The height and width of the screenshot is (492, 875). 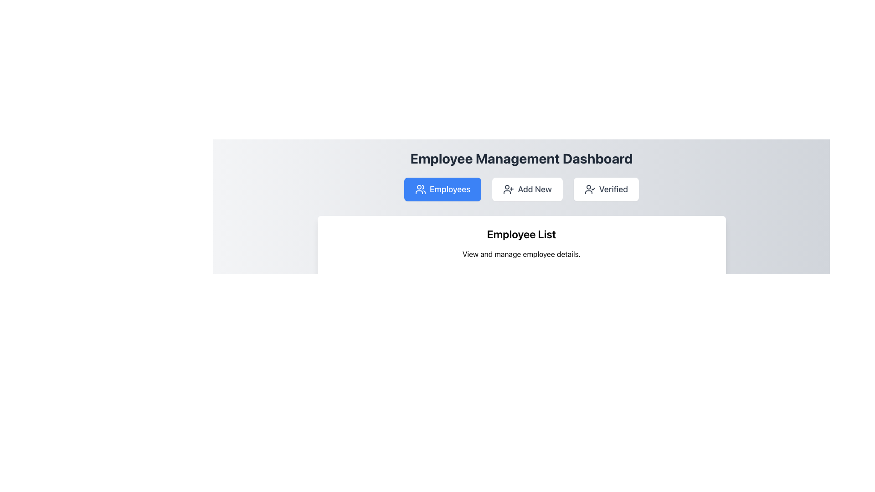 I want to click on the 'Verified' button located in the Employee Management Dashboard, so click(x=606, y=189).